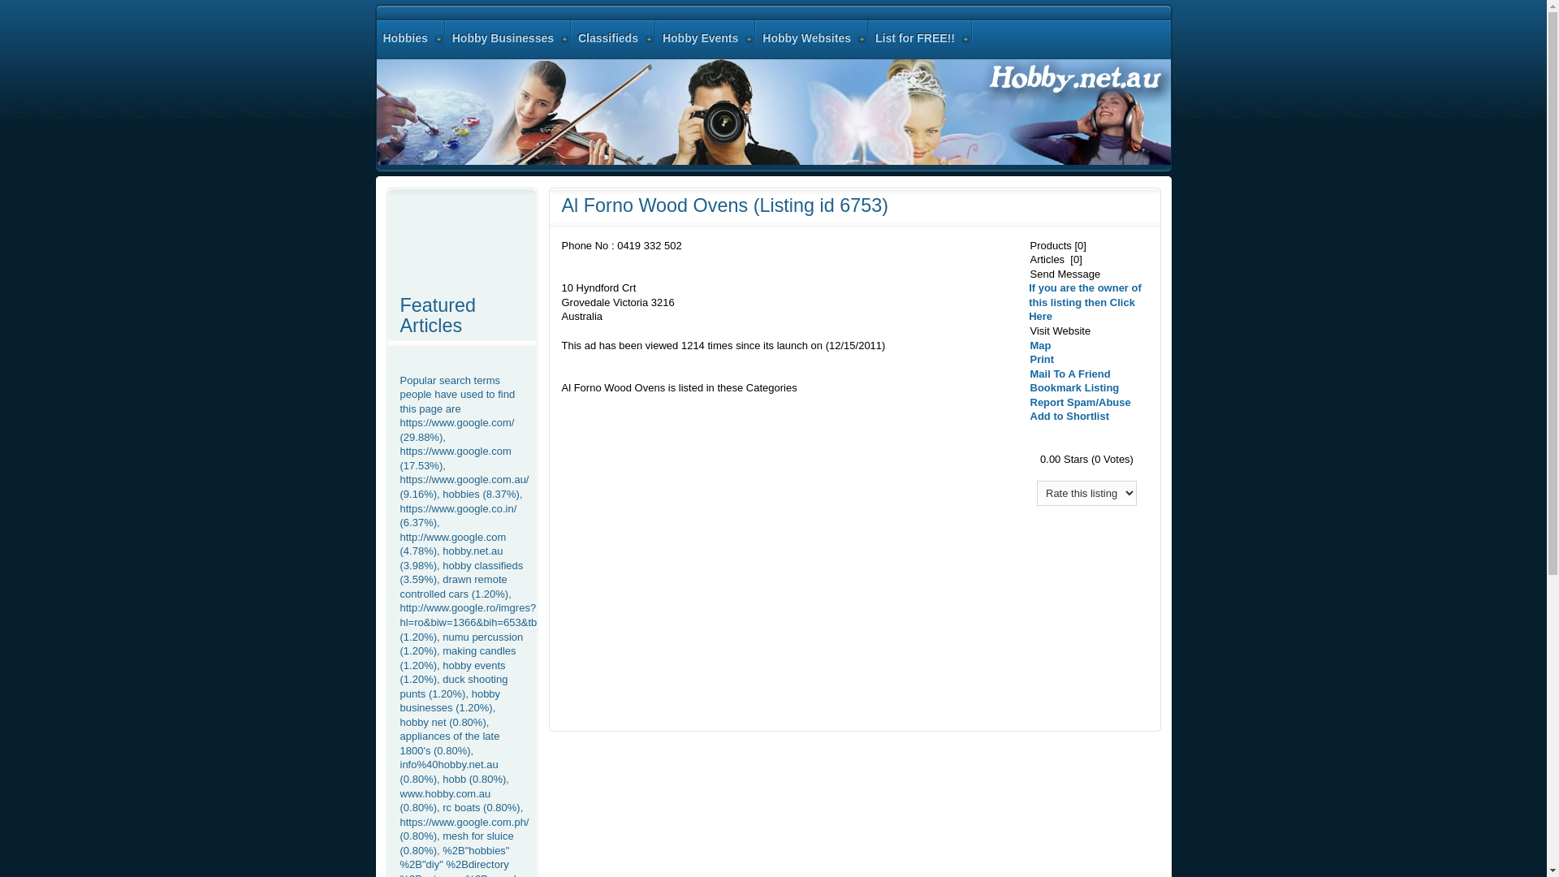 This screenshot has height=877, width=1559. I want to click on 'Print', so click(1041, 358).